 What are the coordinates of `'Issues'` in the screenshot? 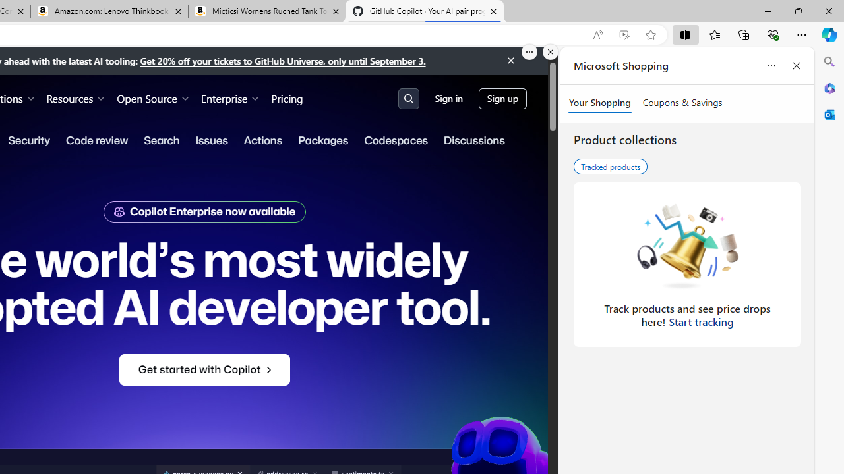 It's located at (211, 140).